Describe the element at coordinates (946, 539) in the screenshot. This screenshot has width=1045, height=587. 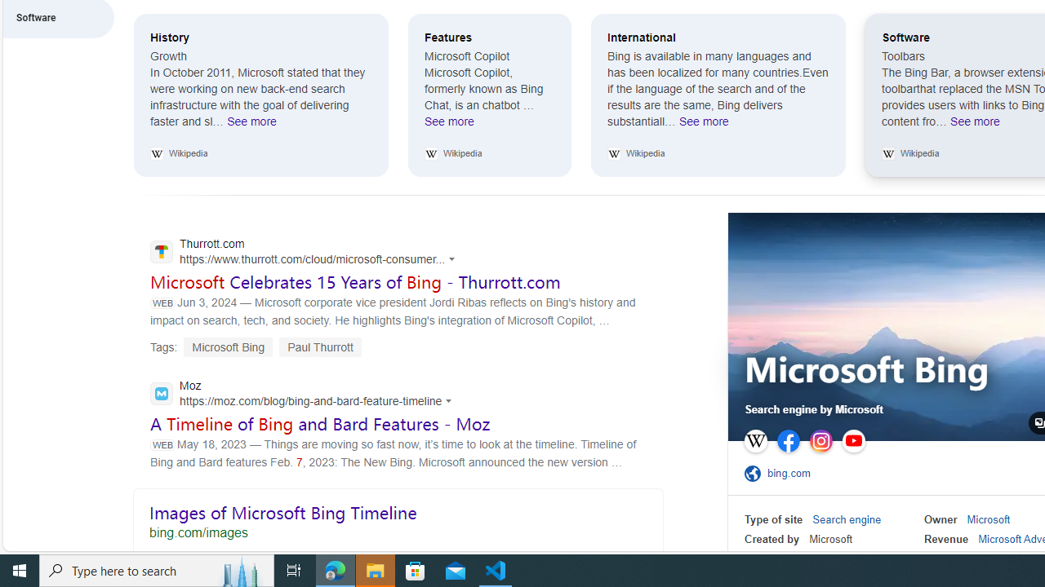
I see `'Revenue'` at that location.